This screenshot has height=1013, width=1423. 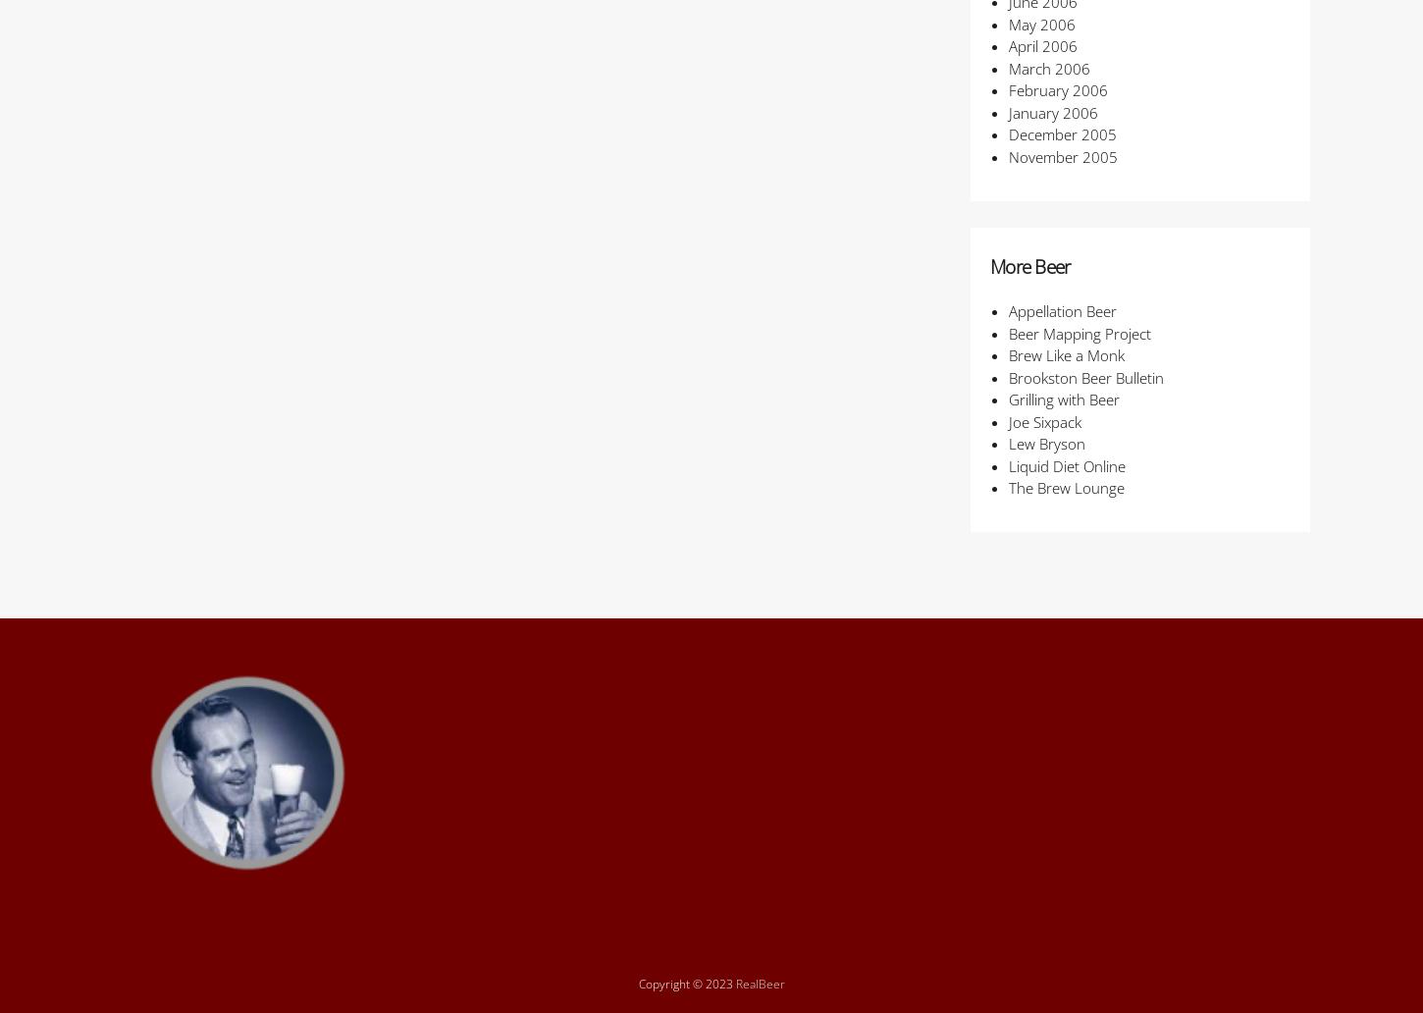 What do you see at coordinates (1040, 24) in the screenshot?
I see `'May 2006'` at bounding box center [1040, 24].